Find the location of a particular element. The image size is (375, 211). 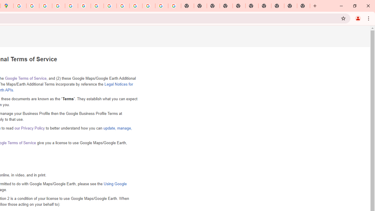

'You' is located at coordinates (357, 18).